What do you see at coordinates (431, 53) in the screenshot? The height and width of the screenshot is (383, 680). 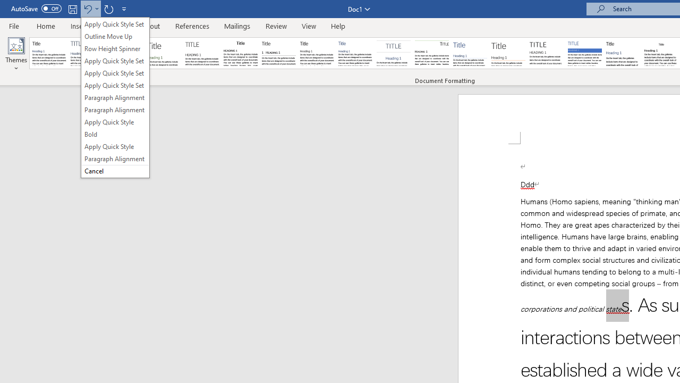 I see `'Lines (Distinctive)'` at bounding box center [431, 53].